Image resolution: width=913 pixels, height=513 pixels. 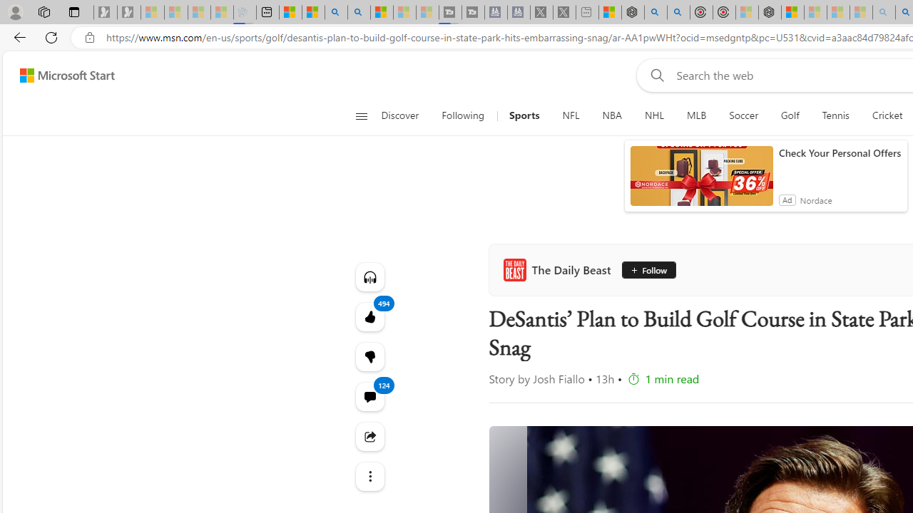 What do you see at coordinates (678, 12) in the screenshot?
I see `'poe ++ standard - Search'` at bounding box center [678, 12].